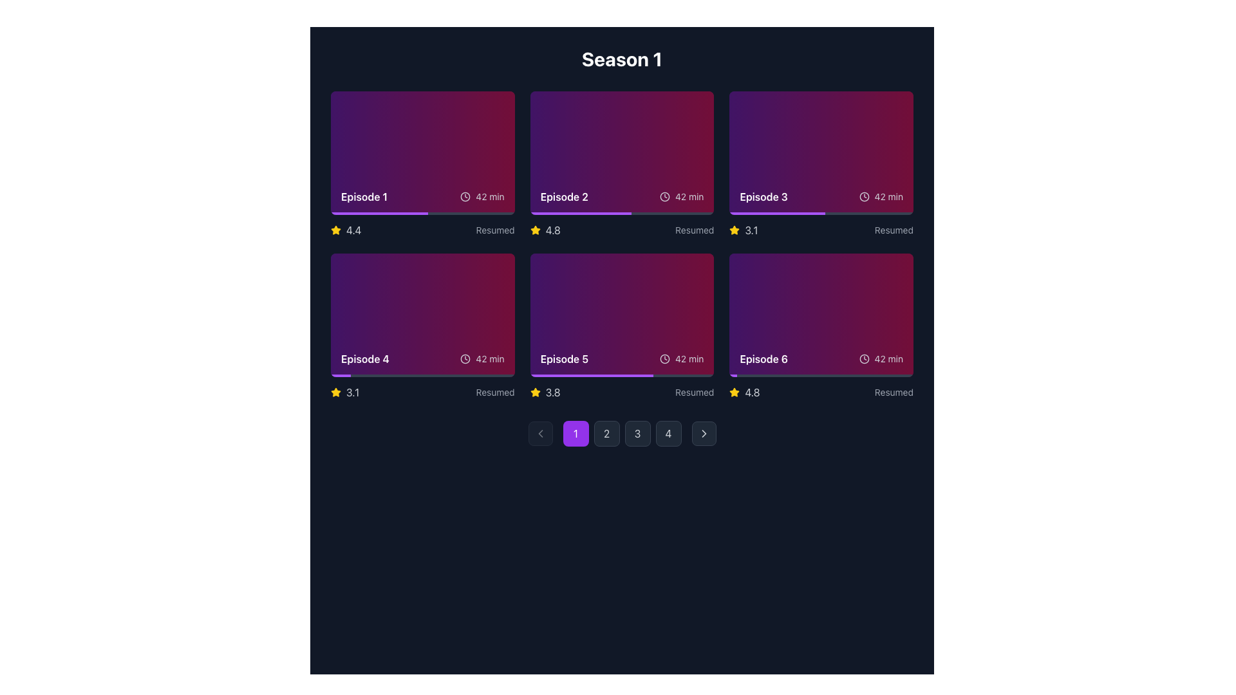  Describe the element at coordinates (689, 359) in the screenshot. I see `duration information text located in the bottom right corner of the Episode 5 card, which is aligned with the clock icon and the rating below` at that location.